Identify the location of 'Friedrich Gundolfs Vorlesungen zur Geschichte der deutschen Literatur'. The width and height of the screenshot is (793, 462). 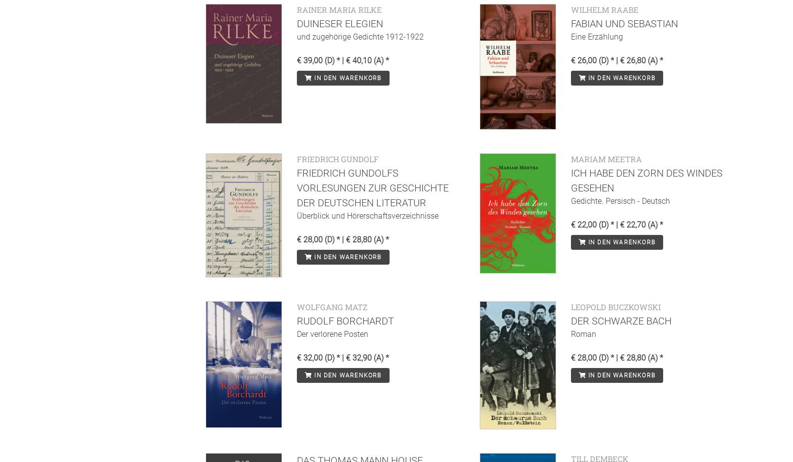
(373, 187).